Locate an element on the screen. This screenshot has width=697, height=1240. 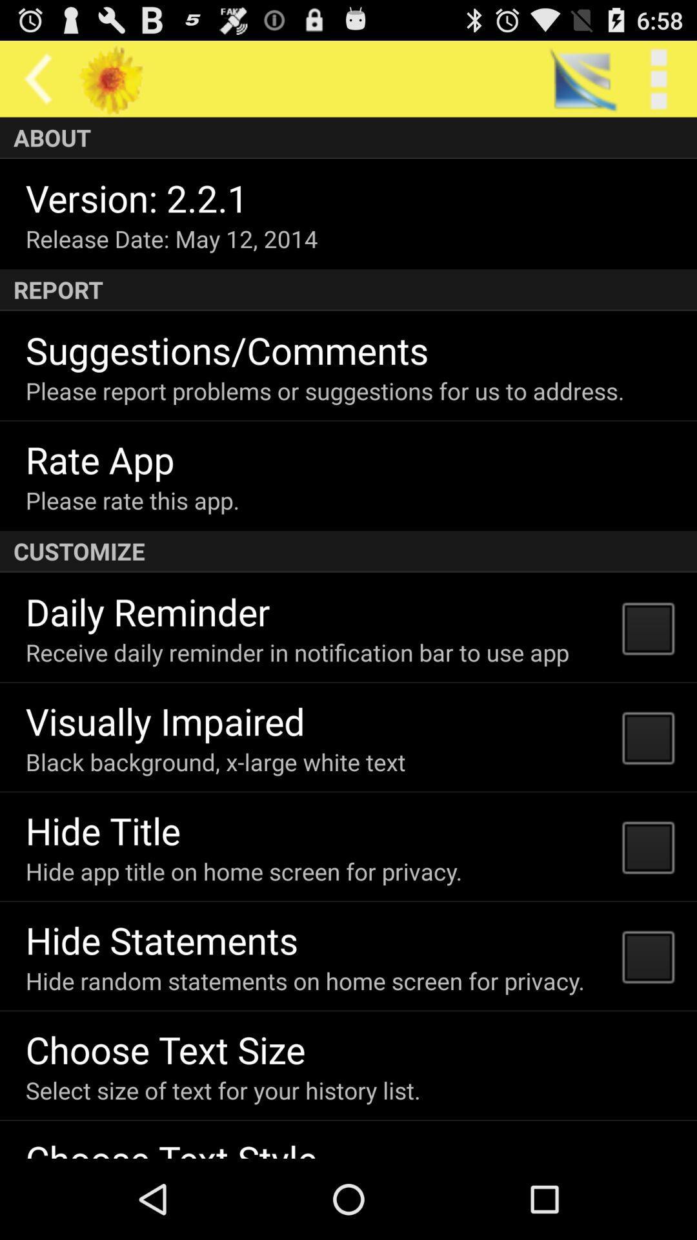
icon above the choose text style item is located at coordinates (222, 1090).